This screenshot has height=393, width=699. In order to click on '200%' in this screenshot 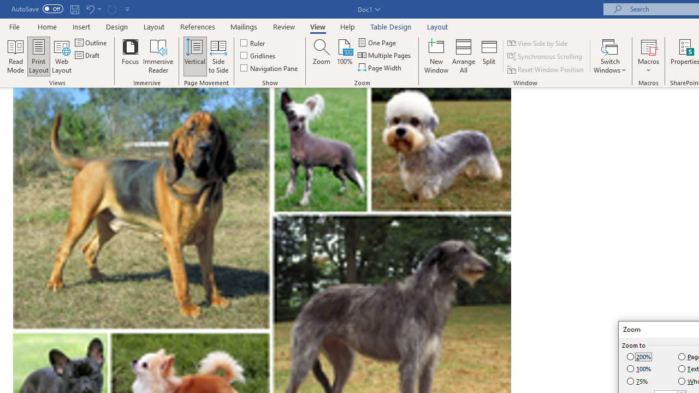, I will do `click(639, 356)`.